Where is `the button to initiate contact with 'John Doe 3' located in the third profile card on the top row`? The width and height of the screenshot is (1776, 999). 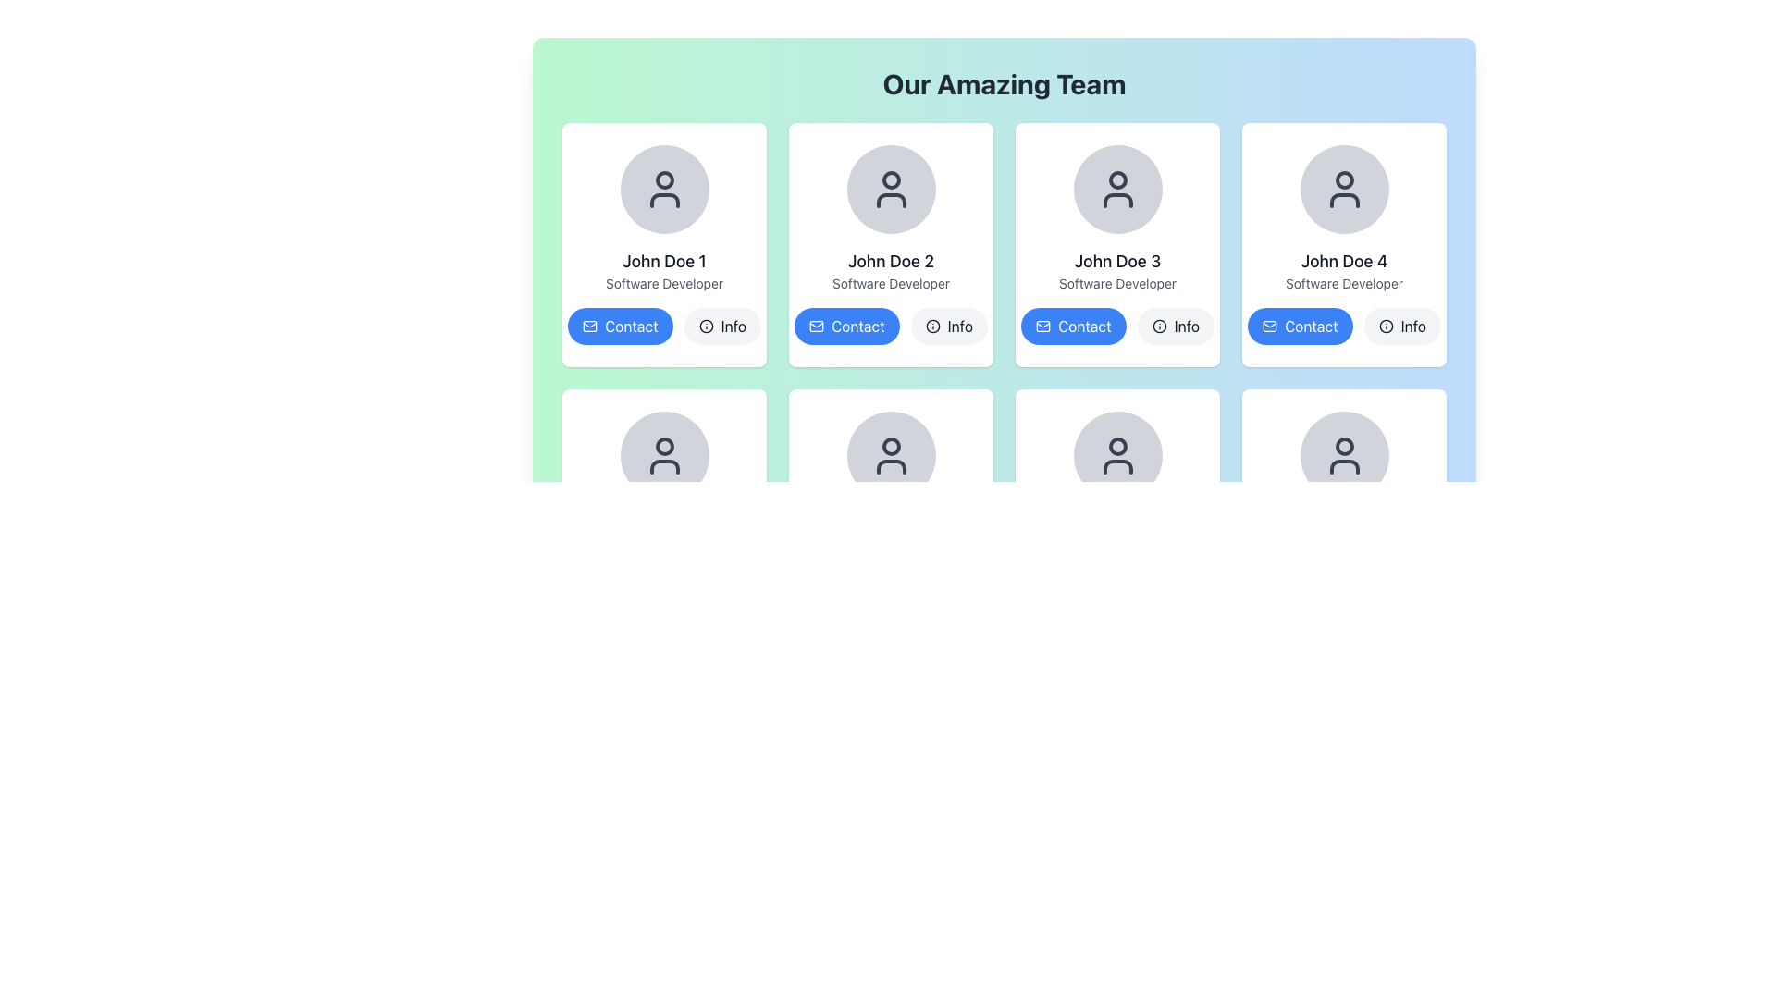
the button to initiate contact with 'John Doe 3' located in the third profile card on the top row is located at coordinates (1073, 326).